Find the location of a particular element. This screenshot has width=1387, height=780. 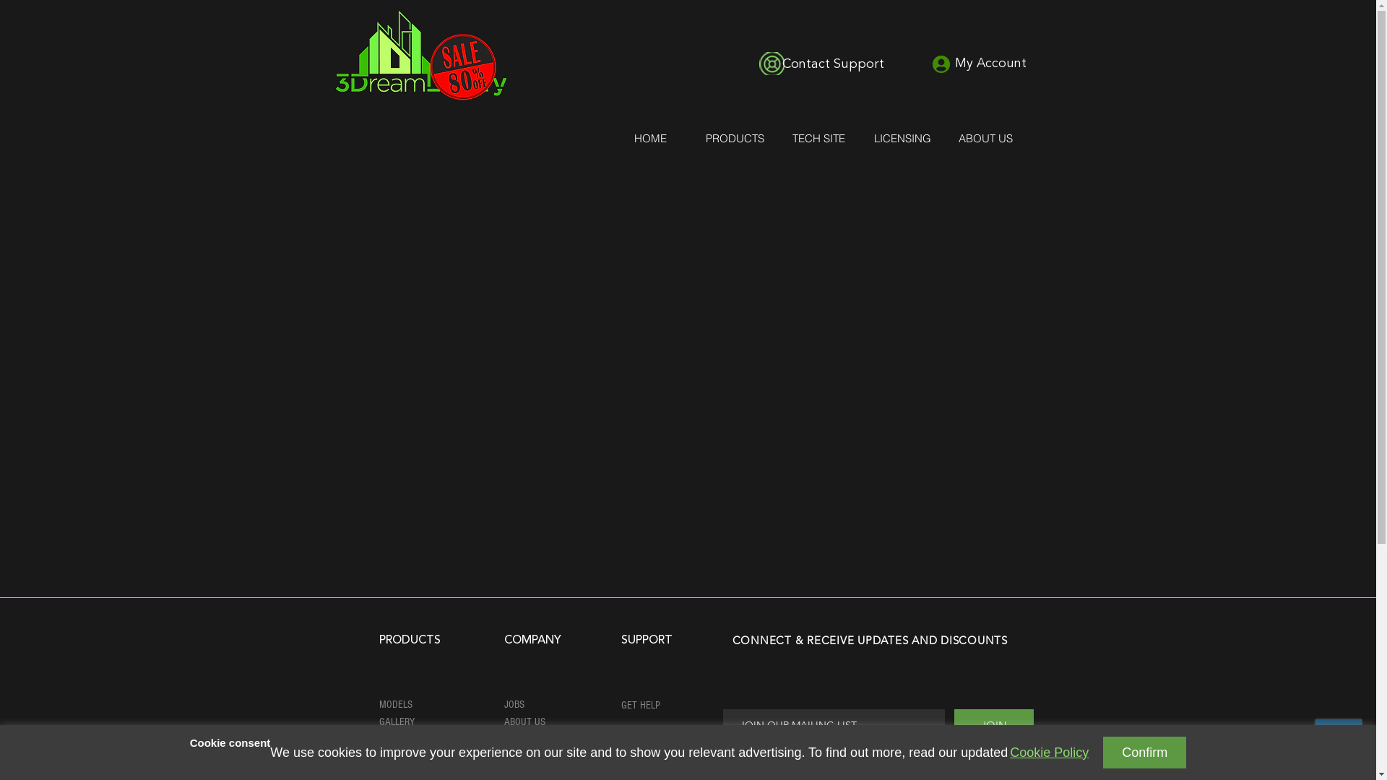

'HOME' is located at coordinates (608, 138).